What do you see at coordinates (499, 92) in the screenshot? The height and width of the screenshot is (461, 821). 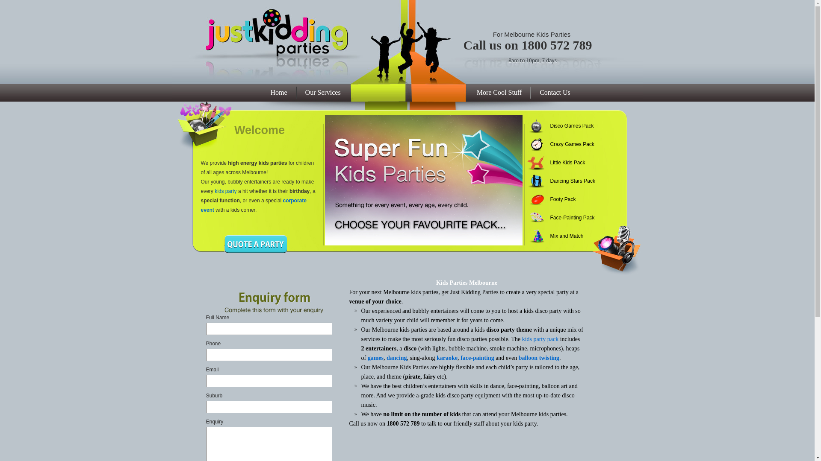 I see `'More Cool Stuff'` at bounding box center [499, 92].